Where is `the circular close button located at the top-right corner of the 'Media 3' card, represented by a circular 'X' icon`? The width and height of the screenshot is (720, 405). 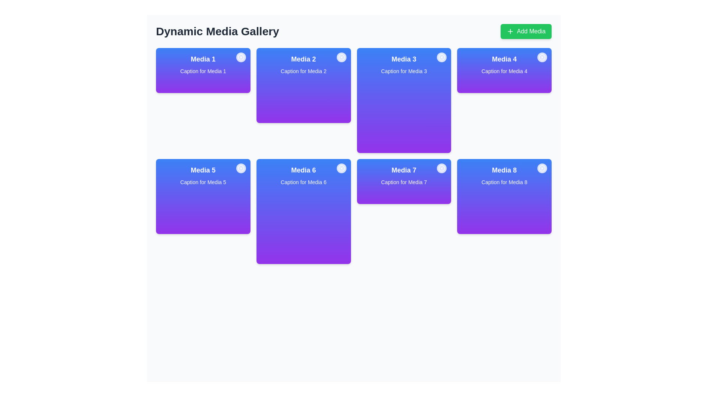
the circular close button located at the top-right corner of the 'Media 3' card, represented by a circular 'X' icon is located at coordinates (442, 57).